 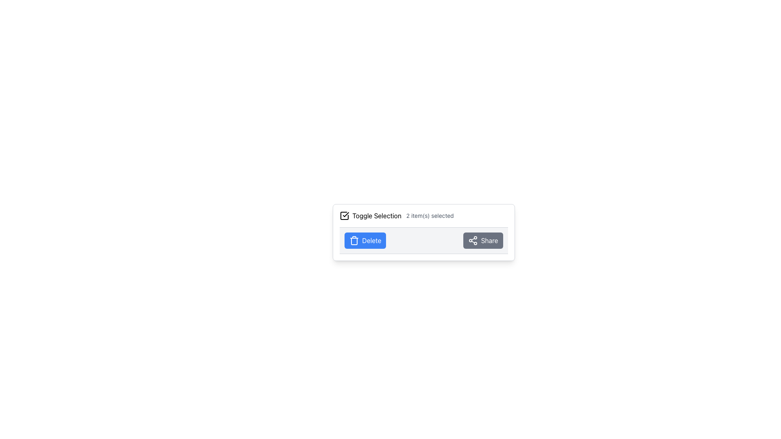 I want to click on the graphical representation of the trash bin outline icon located to the left of the 'Delete' button, so click(x=354, y=241).